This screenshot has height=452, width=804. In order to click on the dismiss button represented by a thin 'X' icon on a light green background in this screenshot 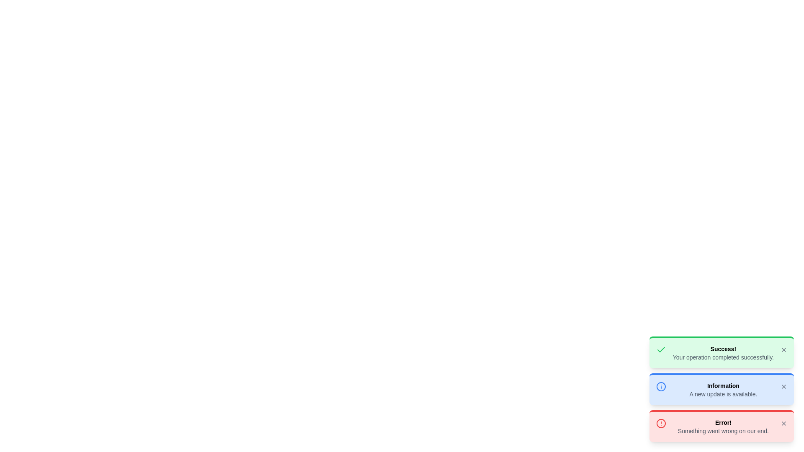, I will do `click(783, 350)`.